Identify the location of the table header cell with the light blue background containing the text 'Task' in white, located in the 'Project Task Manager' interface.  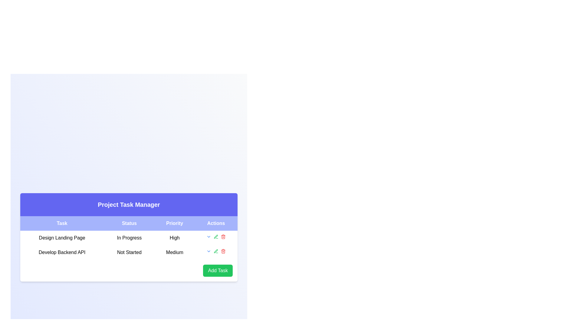
(62, 223).